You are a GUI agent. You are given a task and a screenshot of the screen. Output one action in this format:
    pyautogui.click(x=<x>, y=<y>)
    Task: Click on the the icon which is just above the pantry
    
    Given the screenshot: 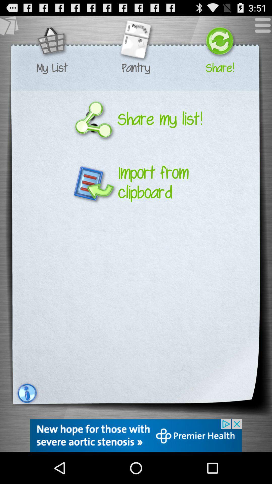 What is the action you would take?
    pyautogui.click(x=135, y=42)
    